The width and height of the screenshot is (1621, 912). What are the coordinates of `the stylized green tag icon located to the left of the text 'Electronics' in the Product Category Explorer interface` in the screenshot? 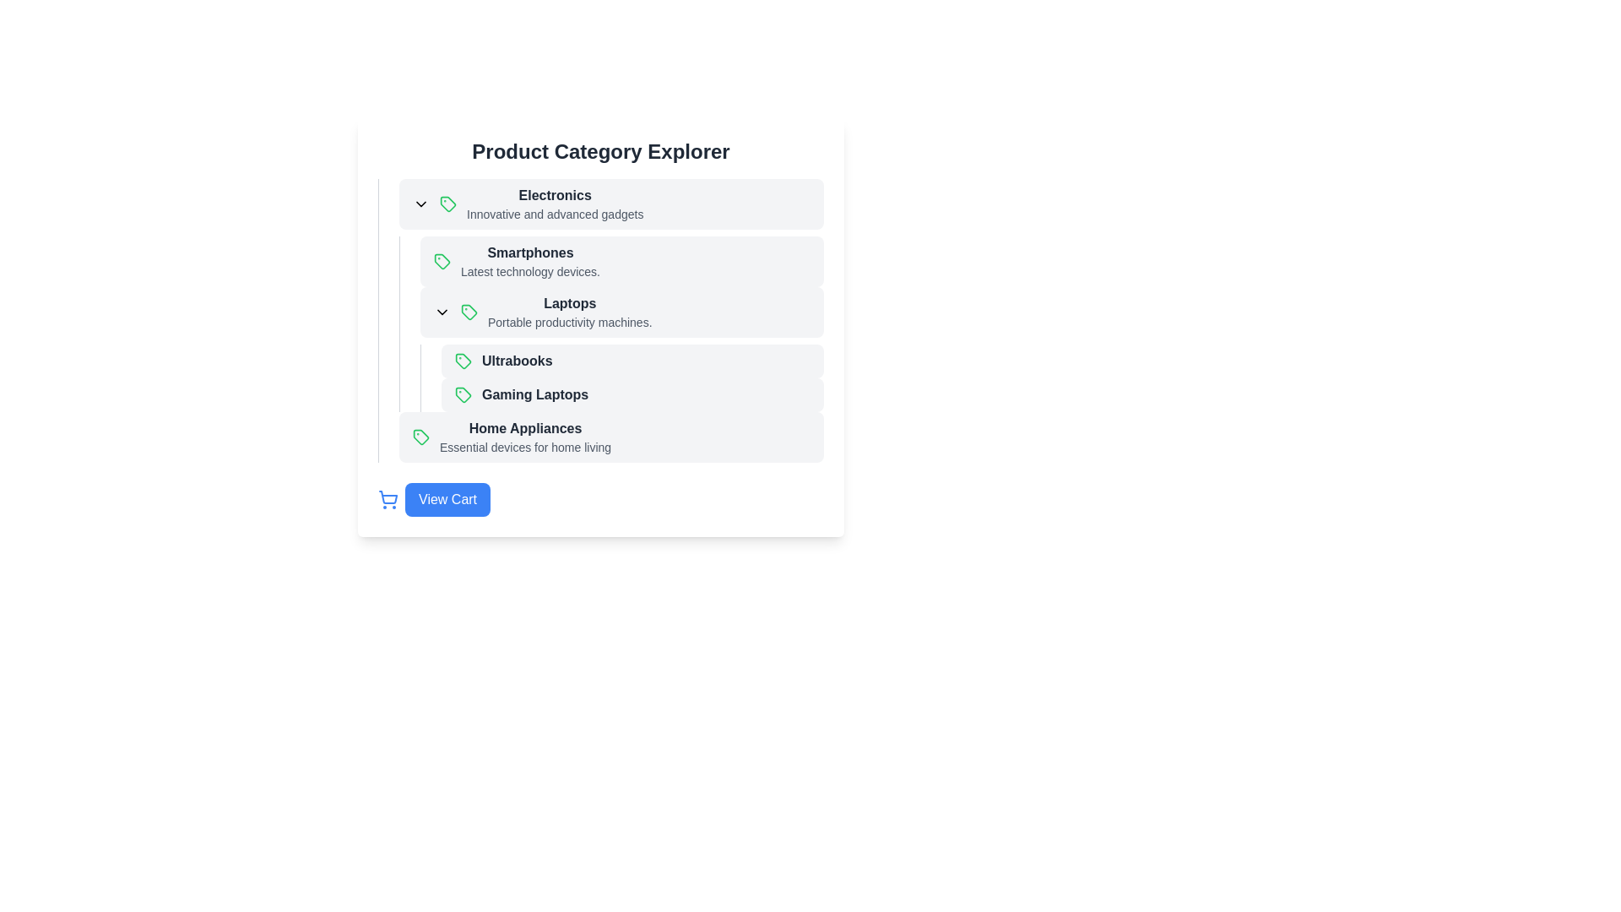 It's located at (448, 204).